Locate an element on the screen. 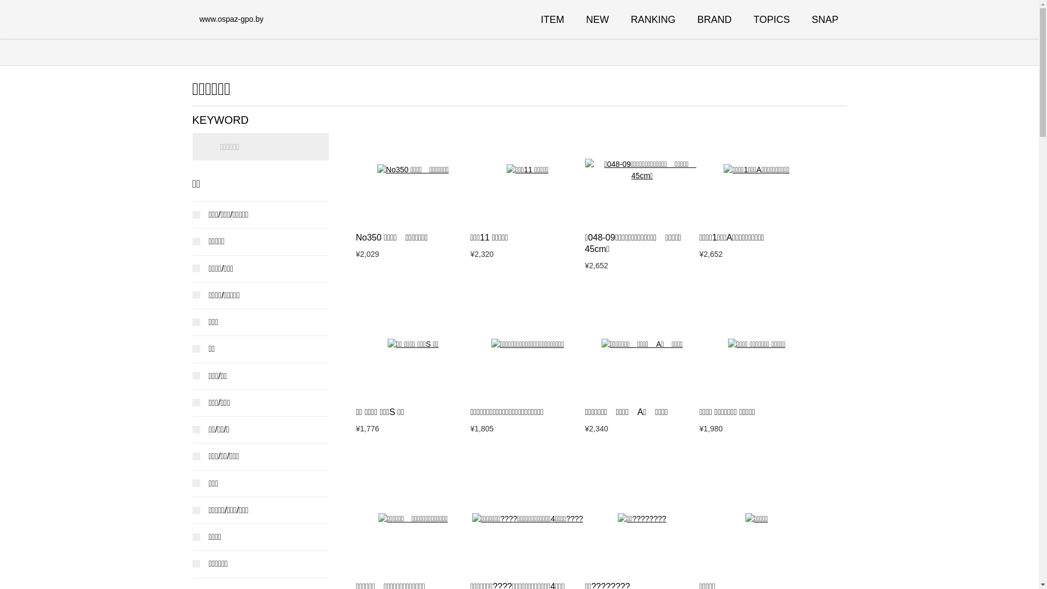 The image size is (1047, 589). 'ITEM' is located at coordinates (552, 19).